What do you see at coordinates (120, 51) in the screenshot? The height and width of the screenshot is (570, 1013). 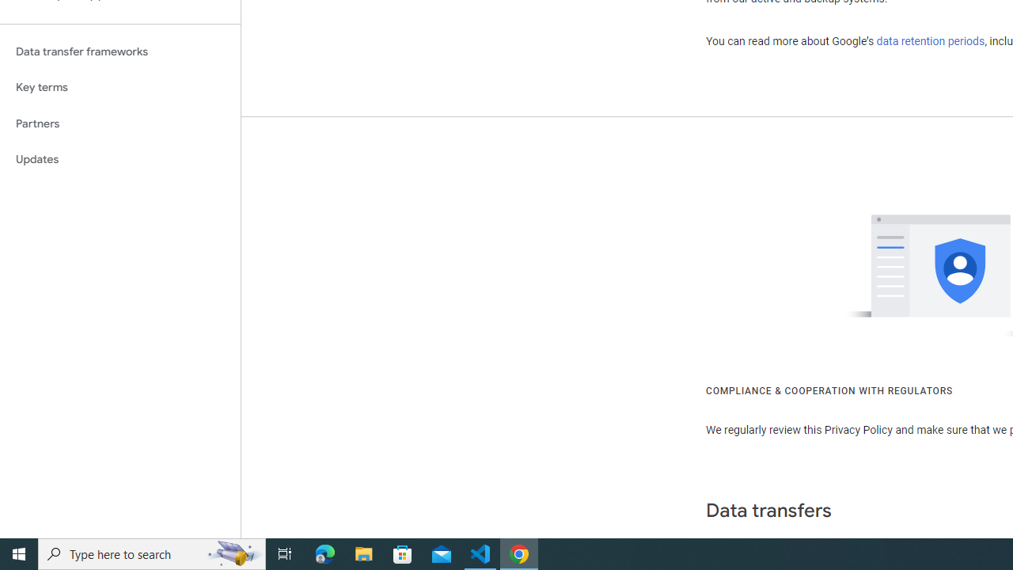 I see `'Data transfer frameworks'` at bounding box center [120, 51].